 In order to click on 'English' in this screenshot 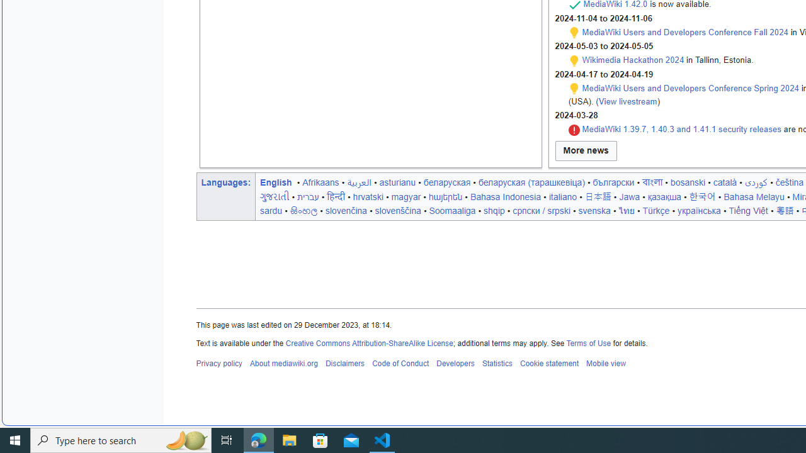, I will do `click(275, 182)`.